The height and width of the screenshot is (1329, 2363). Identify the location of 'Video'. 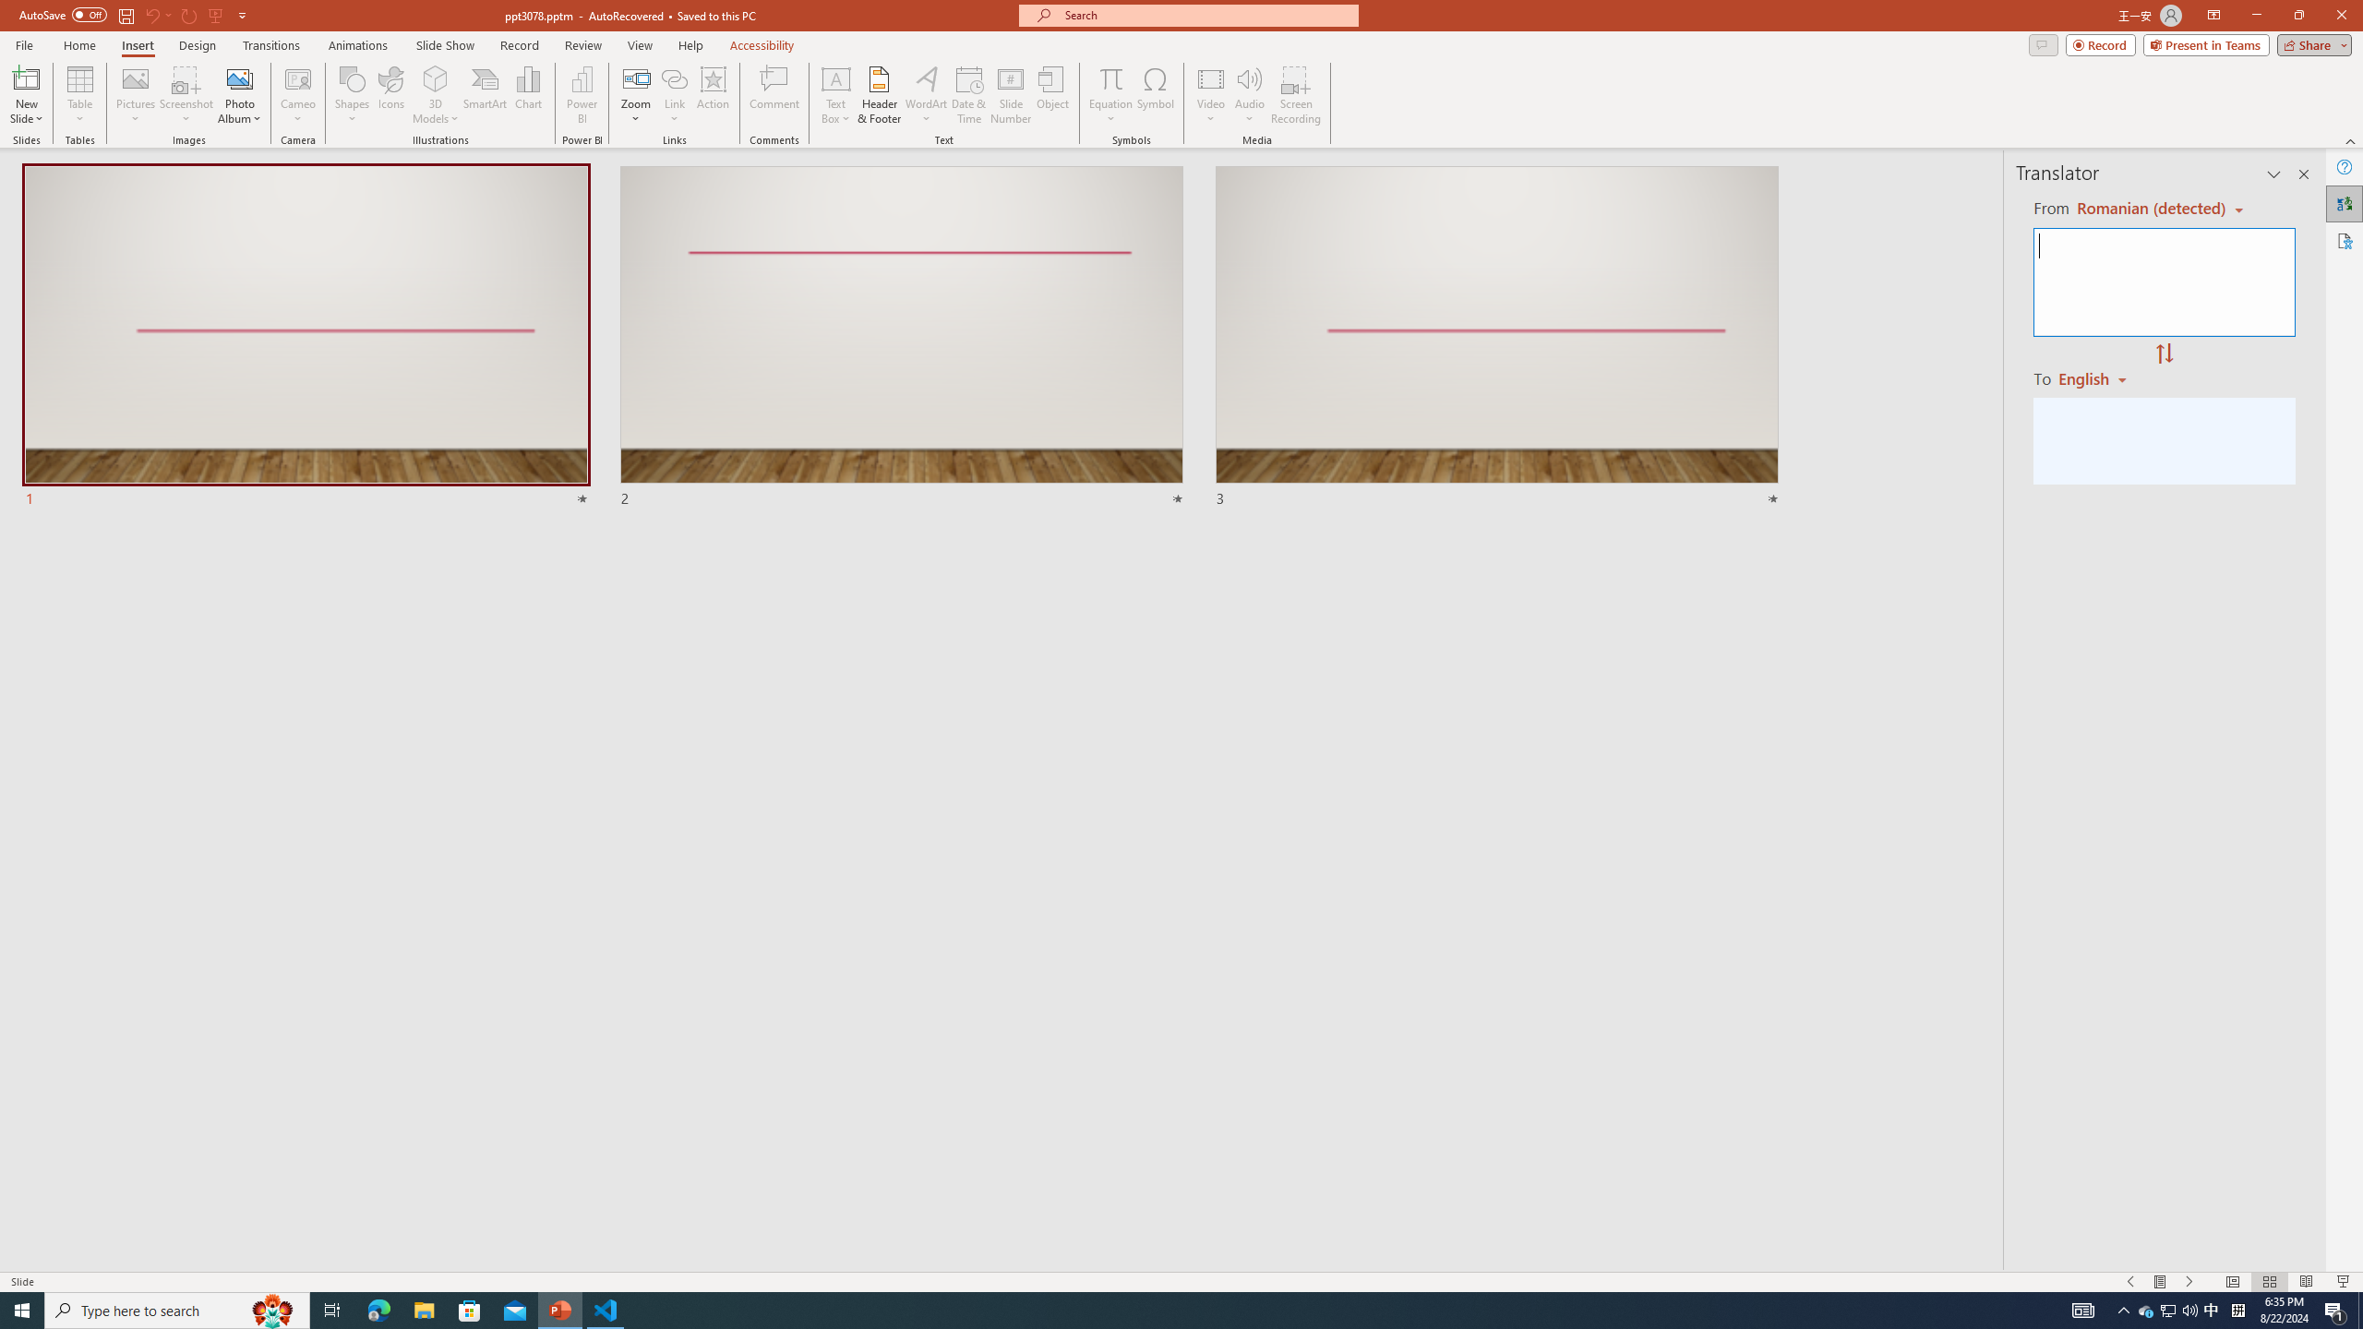
(1211, 95).